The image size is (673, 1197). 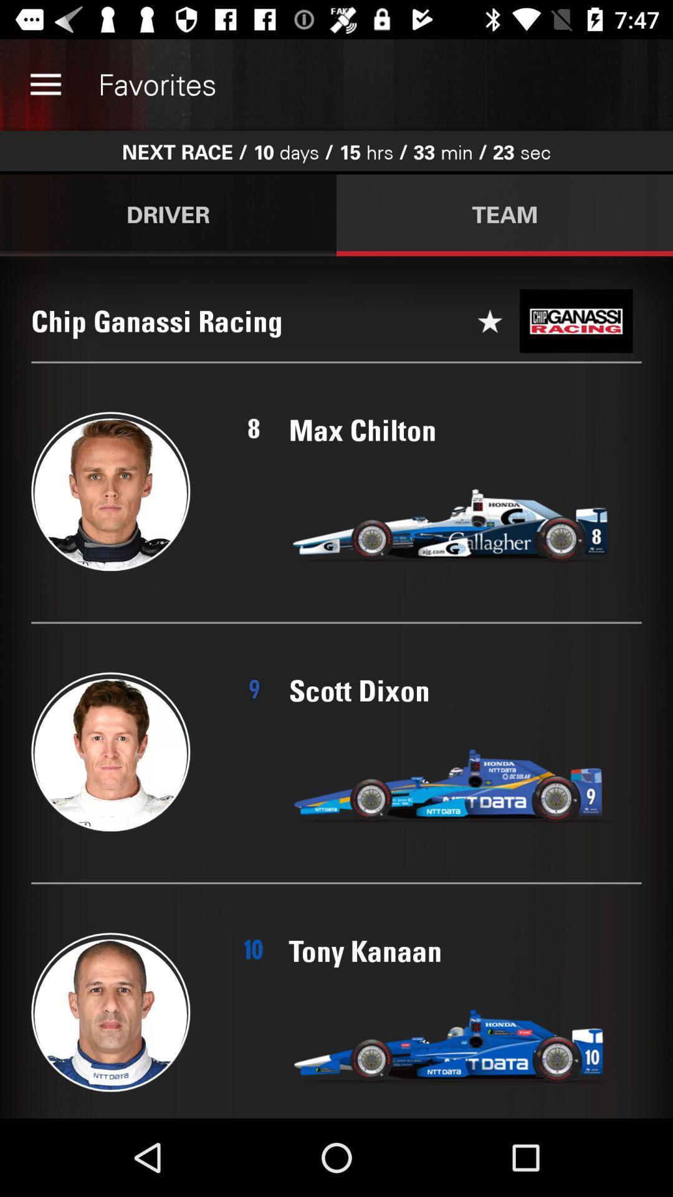 What do you see at coordinates (45, 84) in the screenshot?
I see `item to the left of the favorites icon` at bounding box center [45, 84].